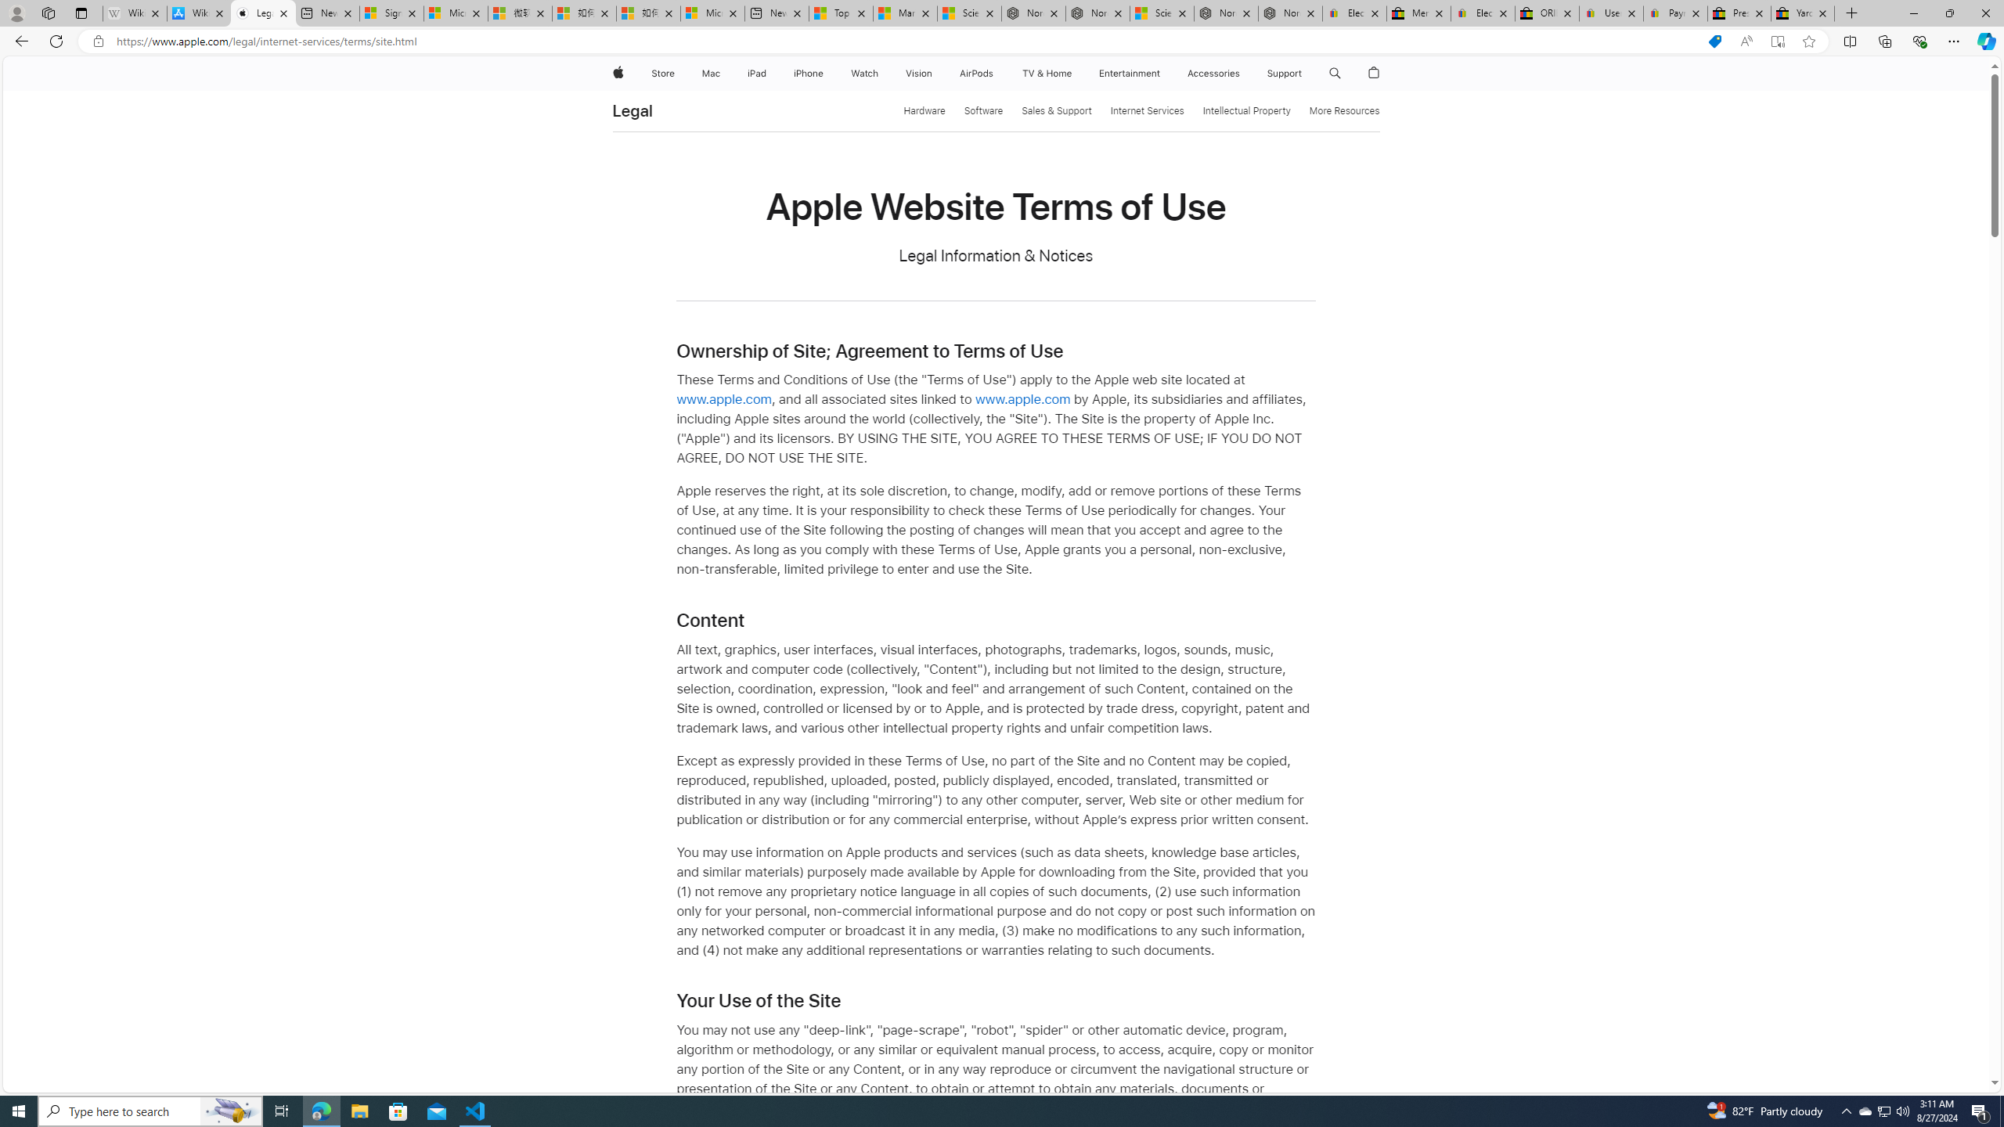 Image resolution: width=2004 pixels, height=1127 pixels. I want to click on 'Mac menu', so click(721, 73).